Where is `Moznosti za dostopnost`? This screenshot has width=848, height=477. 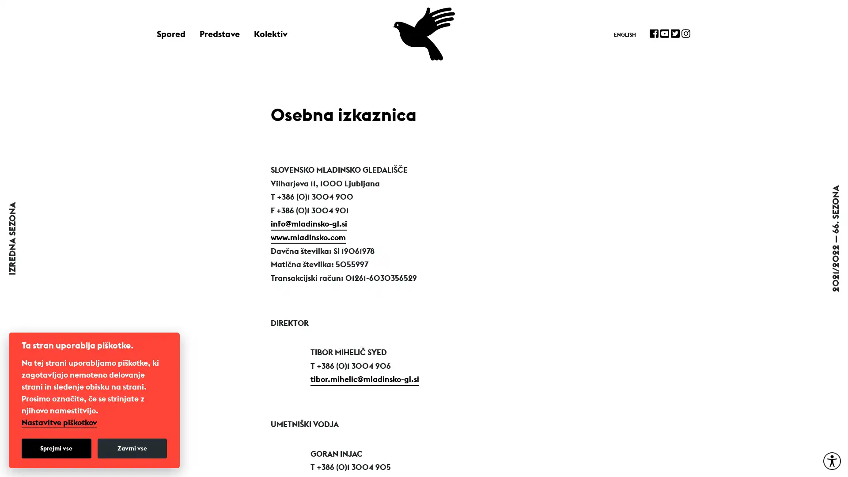
Moznosti za dostopnost is located at coordinates (831, 461).